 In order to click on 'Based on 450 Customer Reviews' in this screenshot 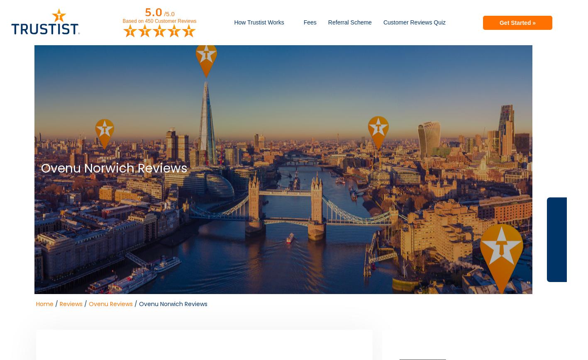, I will do `click(159, 20)`.